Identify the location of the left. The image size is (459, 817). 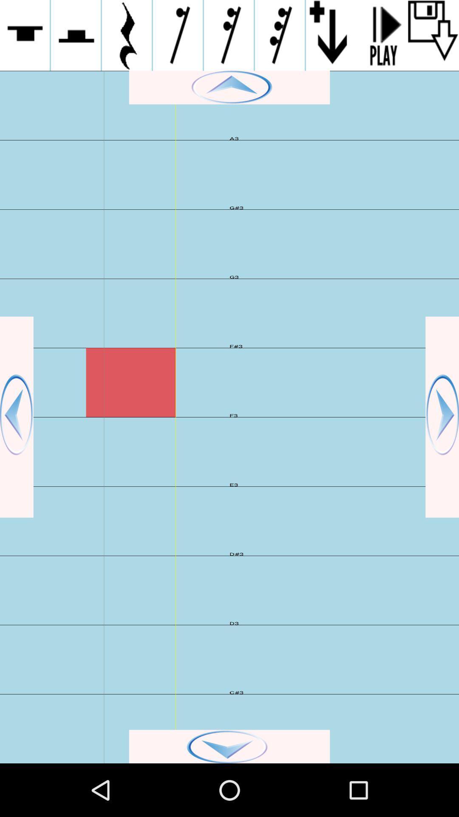
(17, 417).